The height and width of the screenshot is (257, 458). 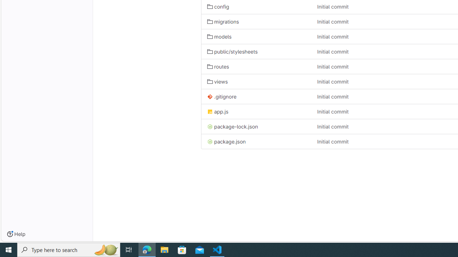 I want to click on 'package.json', so click(x=256, y=141).